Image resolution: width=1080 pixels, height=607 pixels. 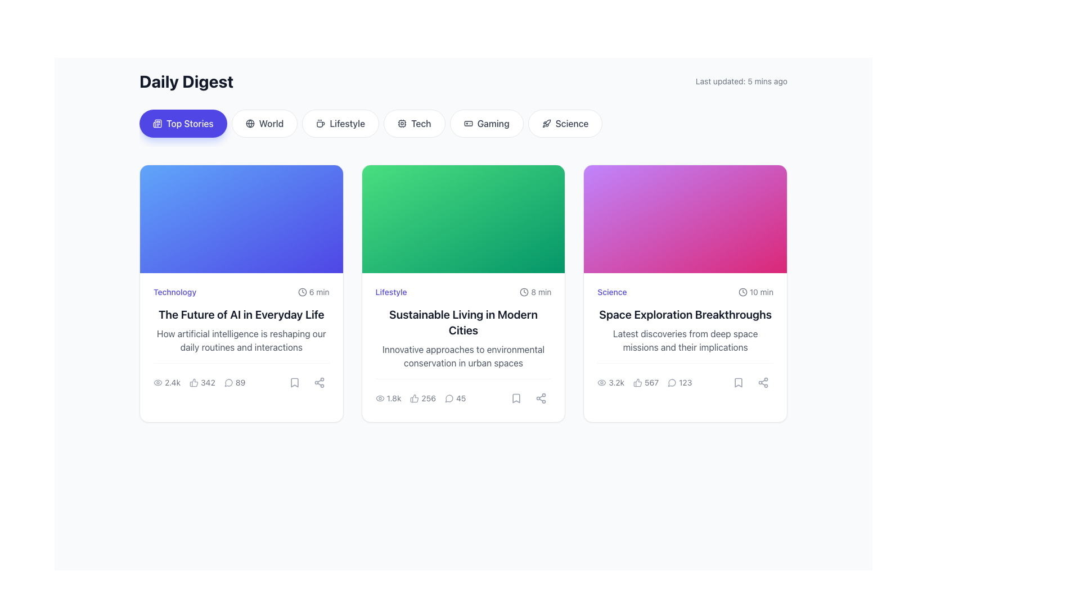 What do you see at coordinates (541, 398) in the screenshot?
I see `the circular gray button with a share icon located in the lower-right corner of the 'Sustainable Living in Modern Cities' card` at bounding box center [541, 398].